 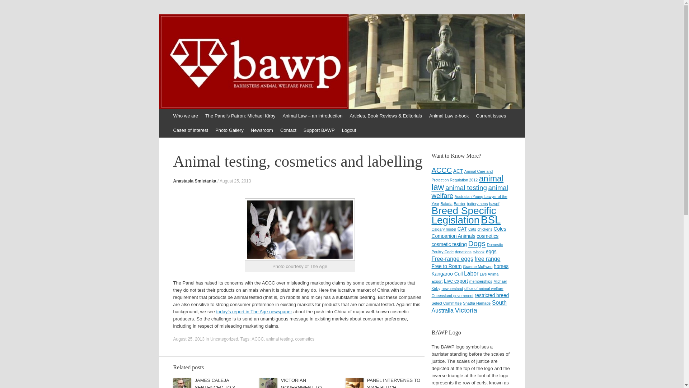 I want to click on 'Anastasia Smietanka', so click(x=173, y=181).